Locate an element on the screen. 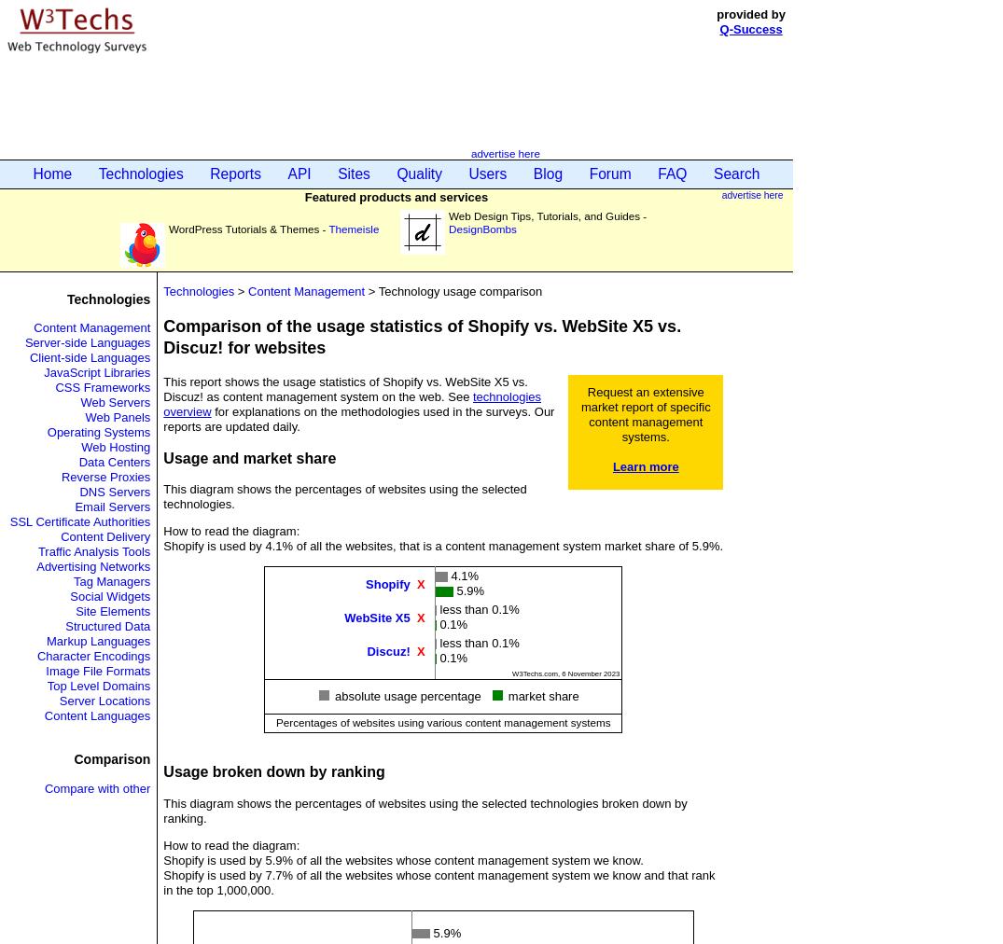 The height and width of the screenshot is (944, 1003). 'W3Techs.com, 6 November 2023' is located at coordinates (512, 673).